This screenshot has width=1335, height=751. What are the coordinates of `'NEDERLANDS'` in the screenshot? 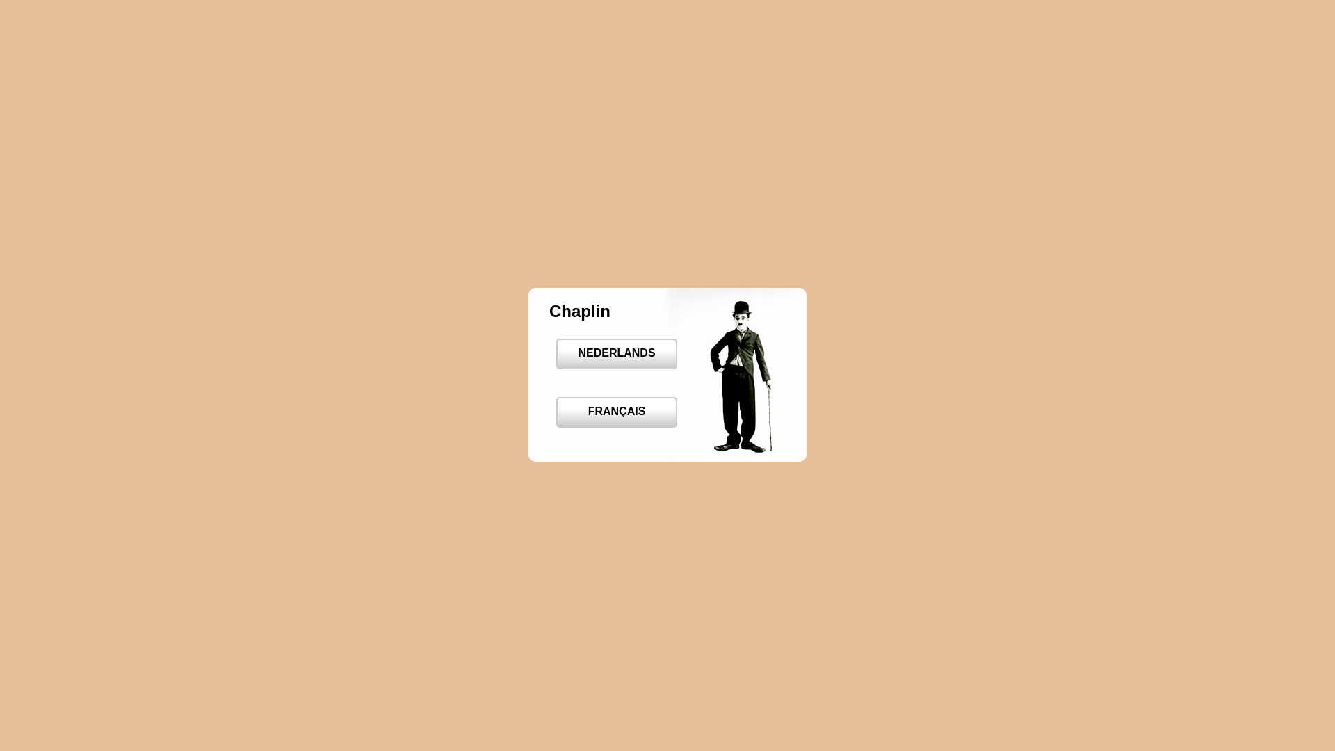 It's located at (616, 353).